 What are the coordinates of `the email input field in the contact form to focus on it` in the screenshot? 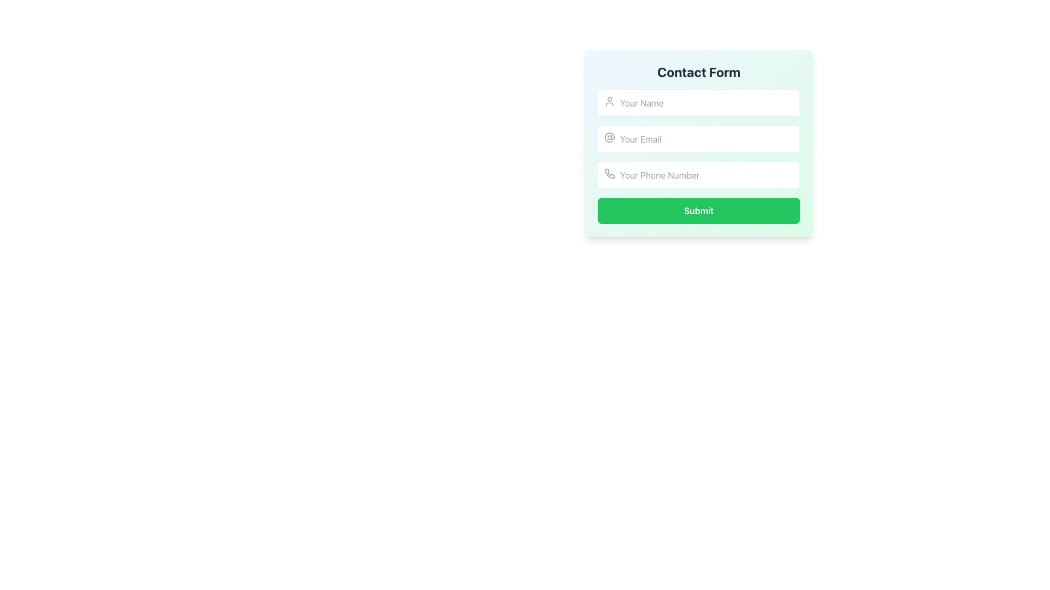 It's located at (698, 143).